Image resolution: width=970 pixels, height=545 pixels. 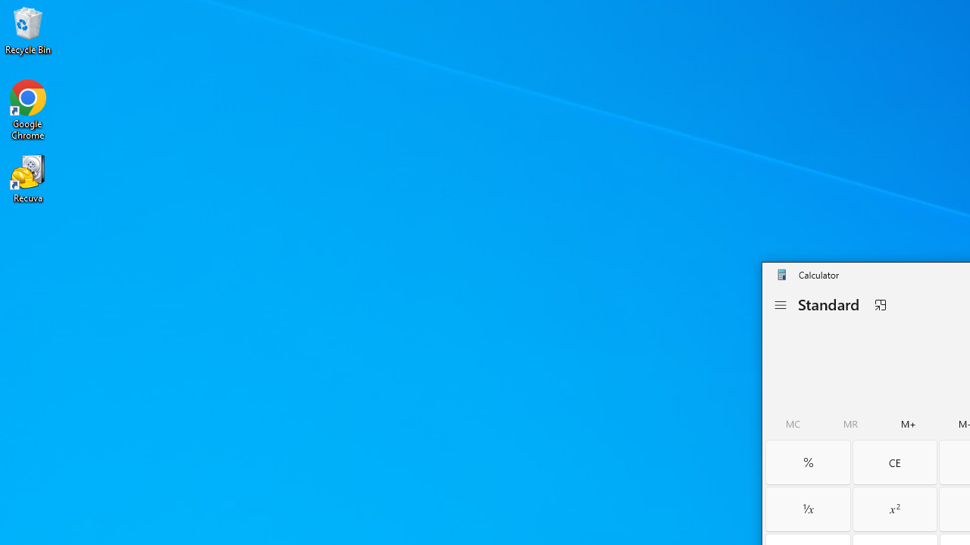 What do you see at coordinates (894, 509) in the screenshot?
I see `'Square'` at bounding box center [894, 509].